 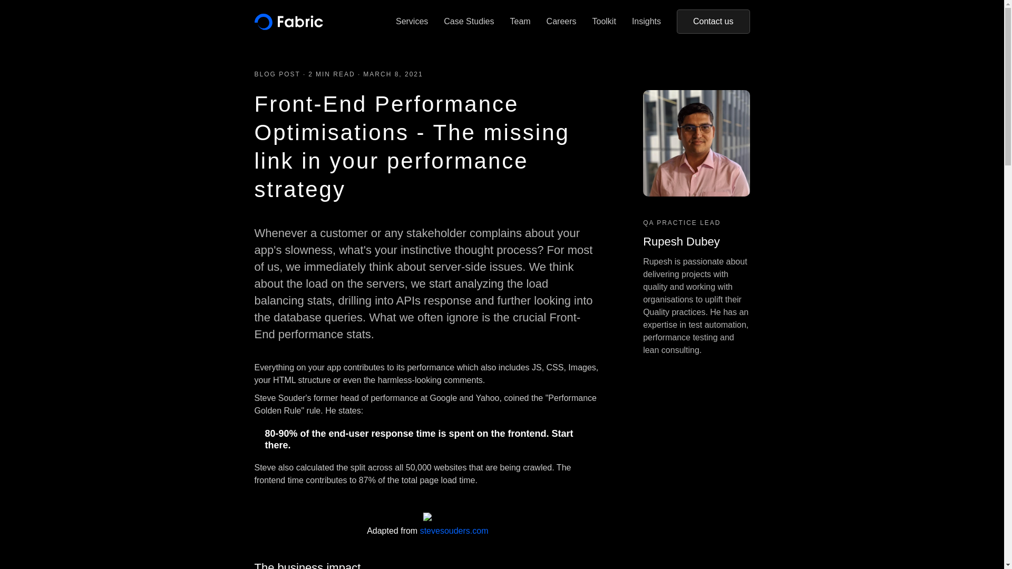 I want to click on 'Insights', so click(x=646, y=22).